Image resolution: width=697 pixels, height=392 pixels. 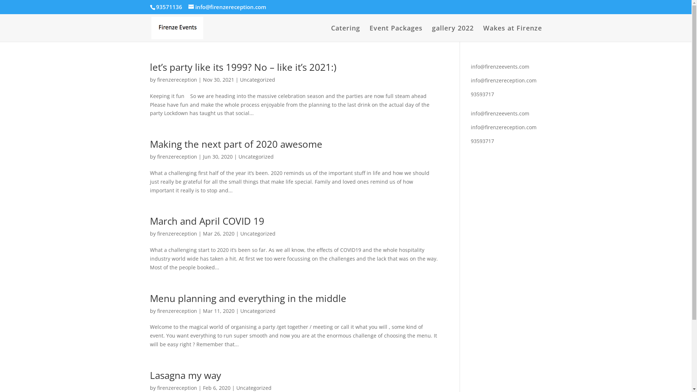 What do you see at coordinates (156, 79) in the screenshot?
I see `'firenzereception'` at bounding box center [156, 79].